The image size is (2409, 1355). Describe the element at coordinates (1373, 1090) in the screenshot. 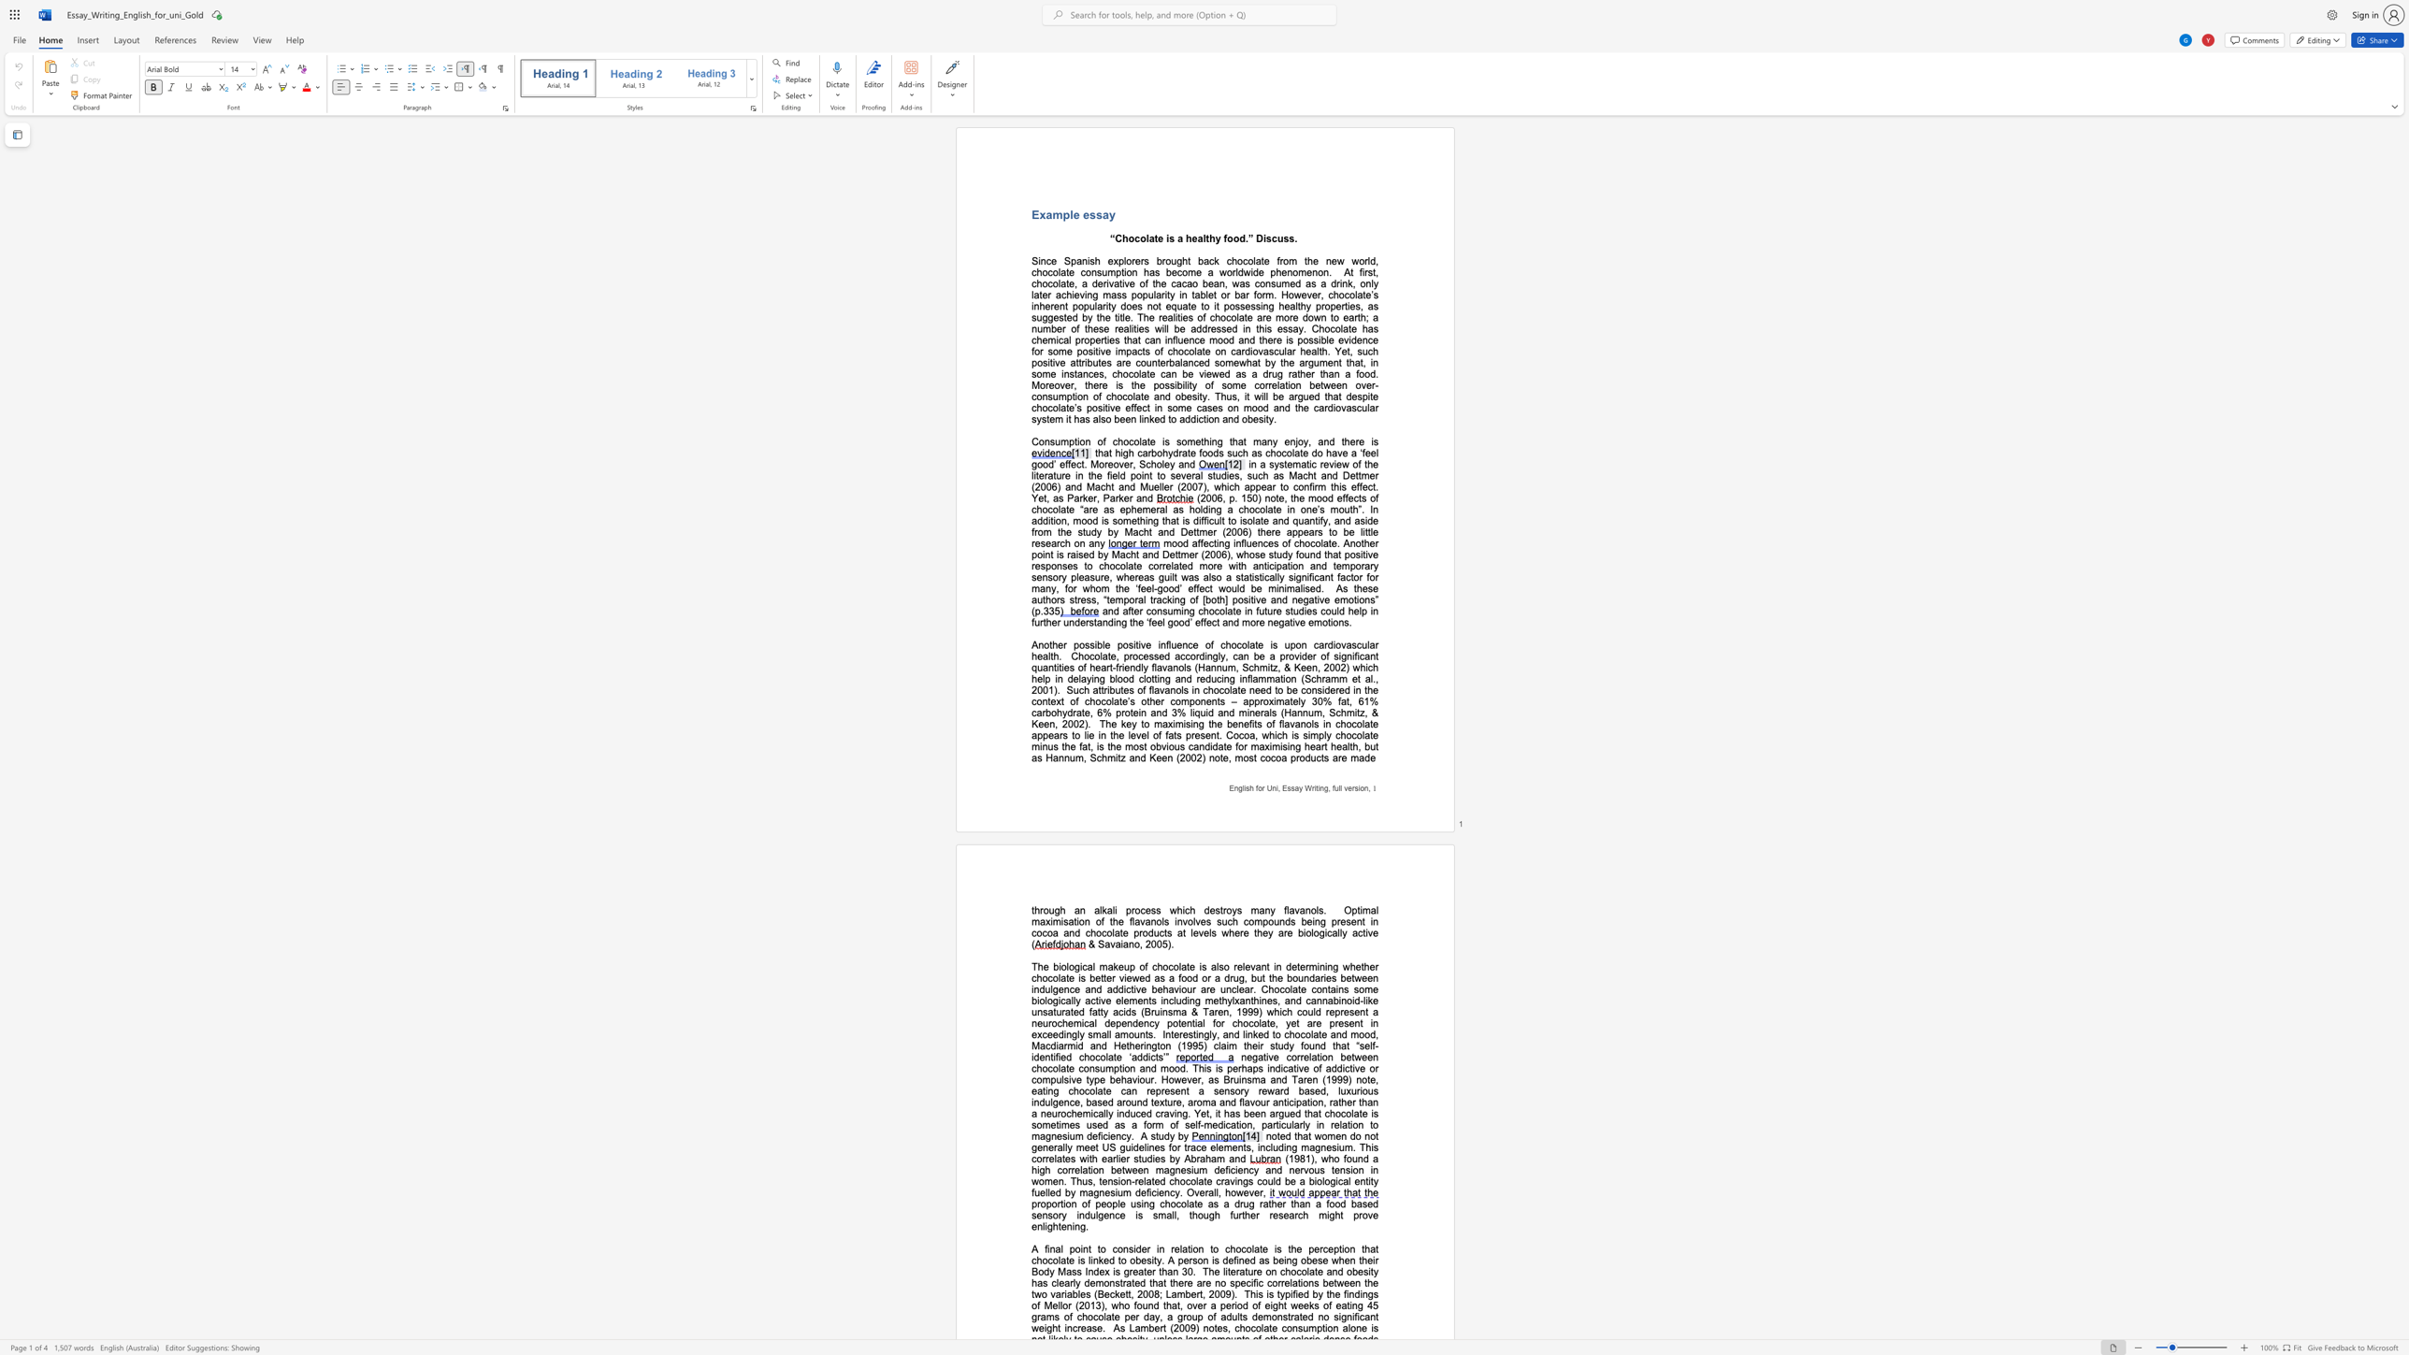

I see `the subset text "s indulgence, based around texture," within the text "a sensory reward based, luxurious indulgence, based around texture,"` at that location.